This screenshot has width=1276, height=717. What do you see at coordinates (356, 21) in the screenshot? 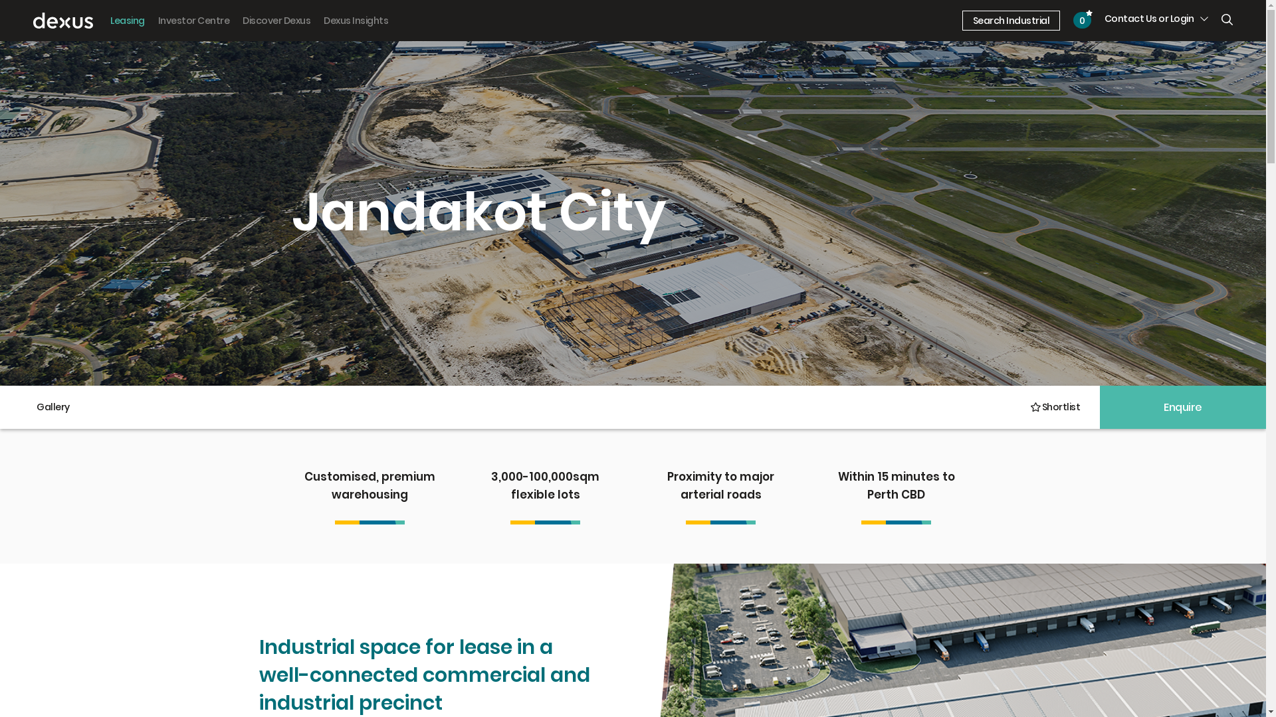
I see `'Dexus Insights'` at bounding box center [356, 21].